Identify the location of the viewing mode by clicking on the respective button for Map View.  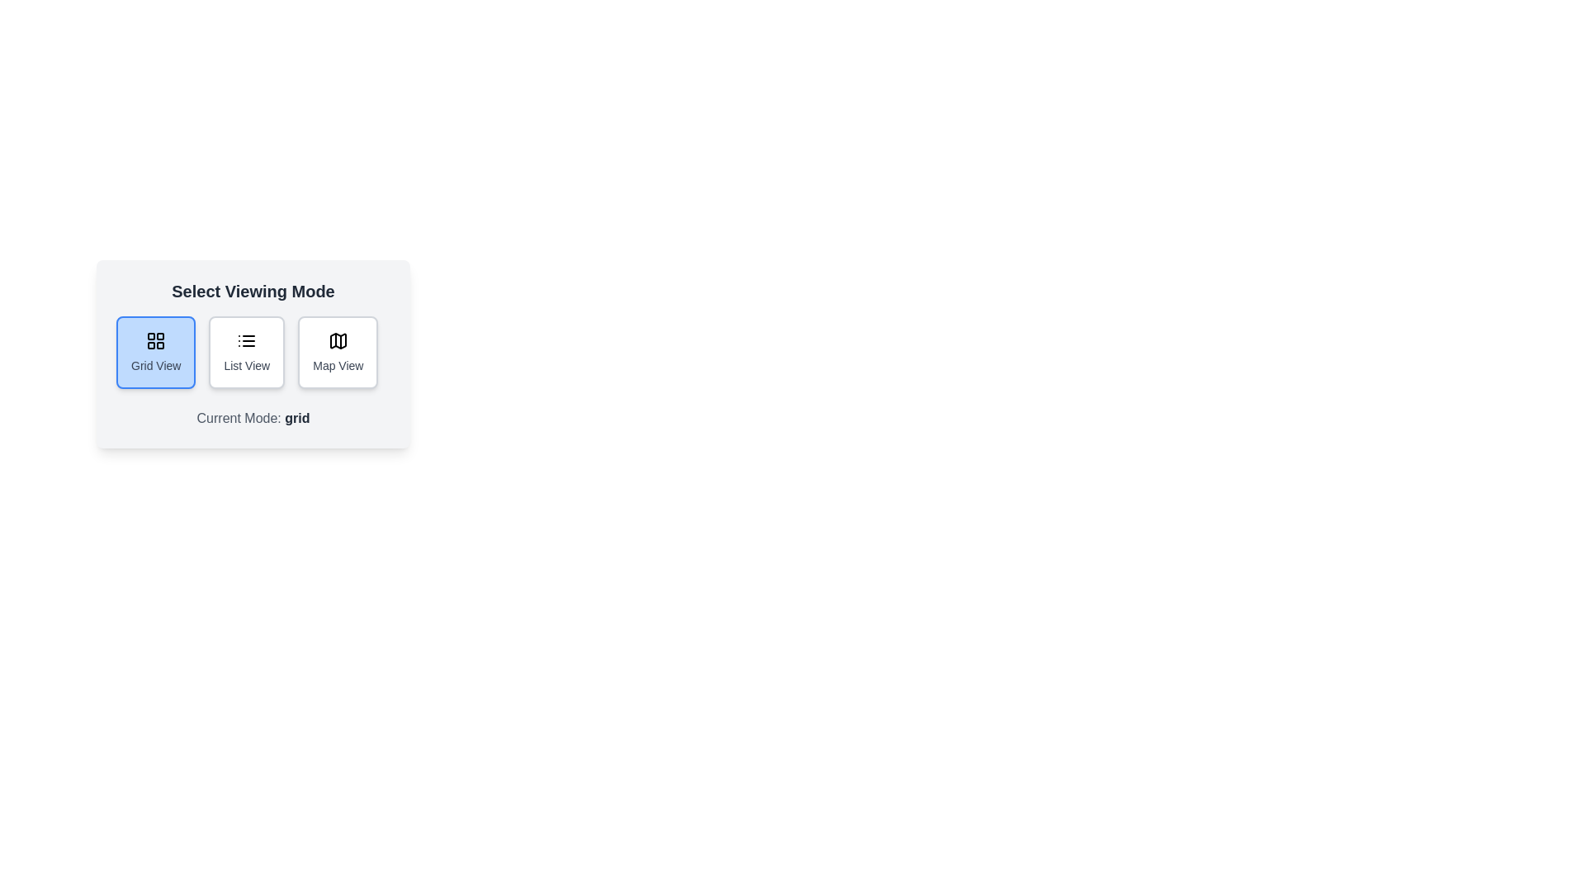
(336, 352).